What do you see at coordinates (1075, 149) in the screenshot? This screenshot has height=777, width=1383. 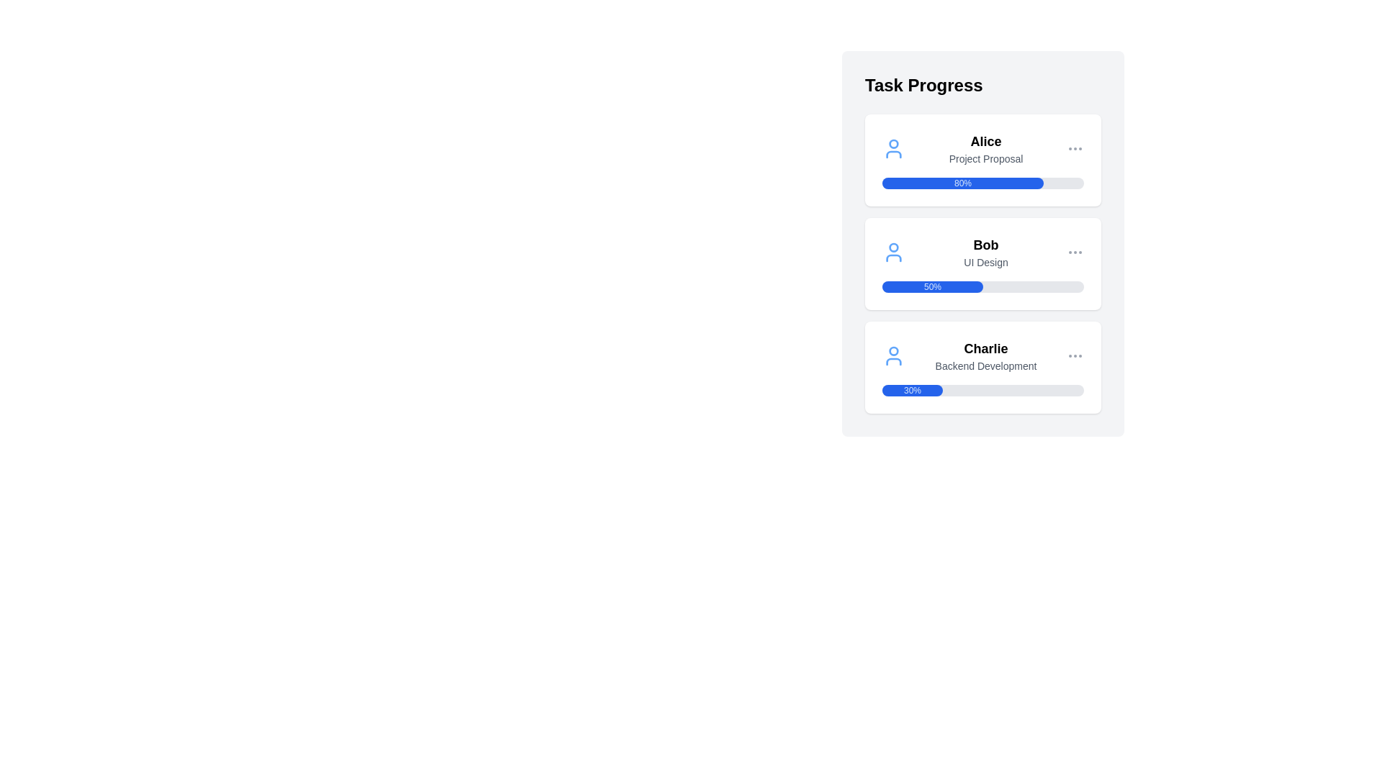 I see `the gray icon consisting of three vertically aligned dots located to the right of 'Alice' and 'Project Proposal'` at bounding box center [1075, 149].